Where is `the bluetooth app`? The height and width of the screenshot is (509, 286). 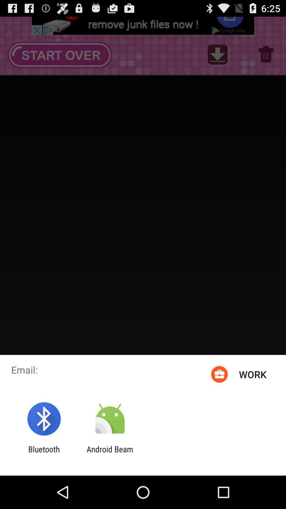 the bluetooth app is located at coordinates (44, 454).